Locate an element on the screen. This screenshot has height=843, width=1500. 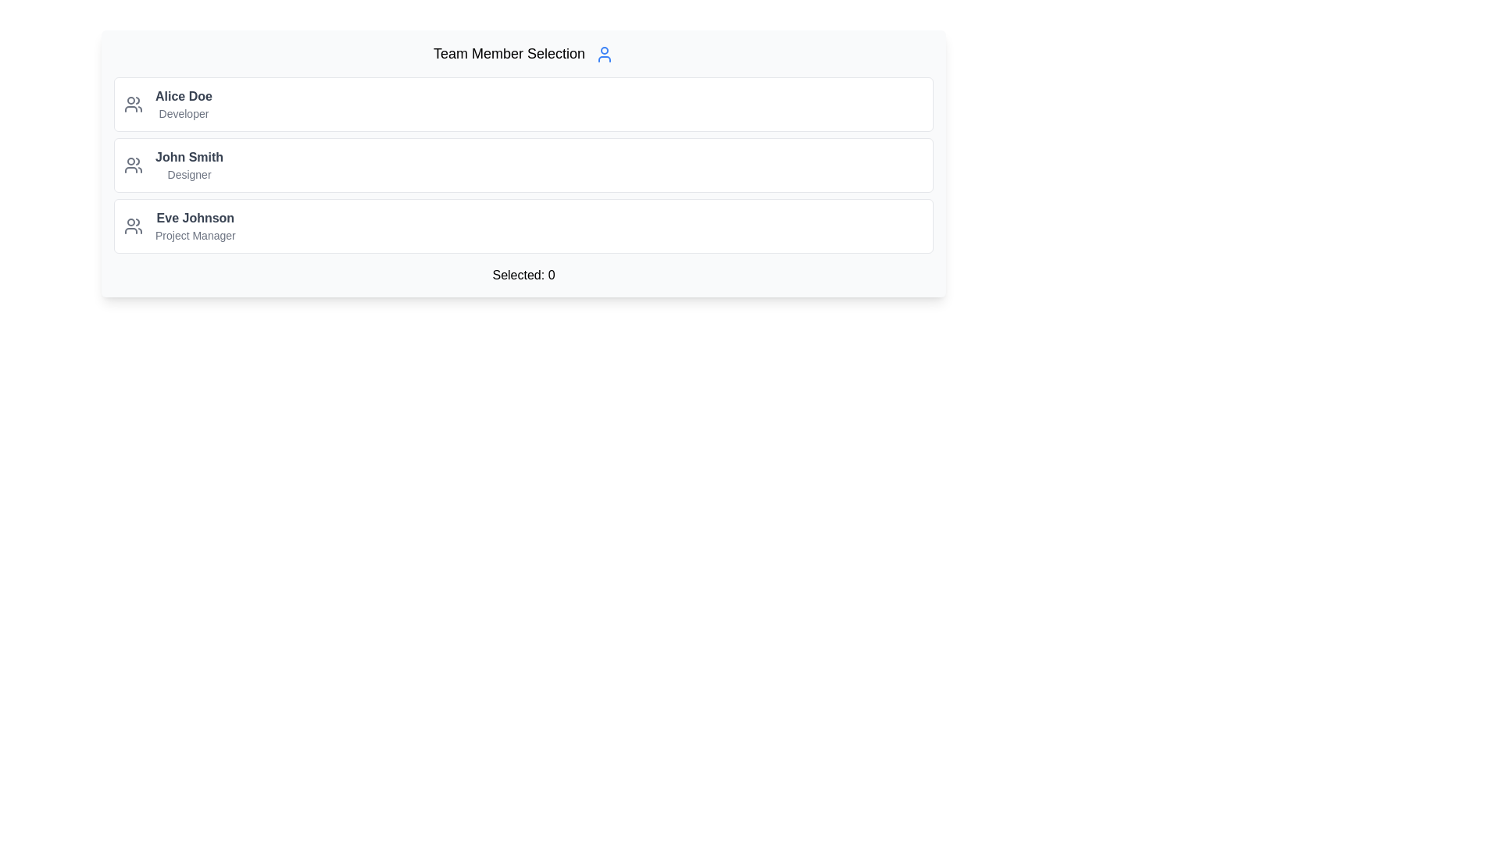
the first user profile entry in the team member selection interface is located at coordinates (523, 105).